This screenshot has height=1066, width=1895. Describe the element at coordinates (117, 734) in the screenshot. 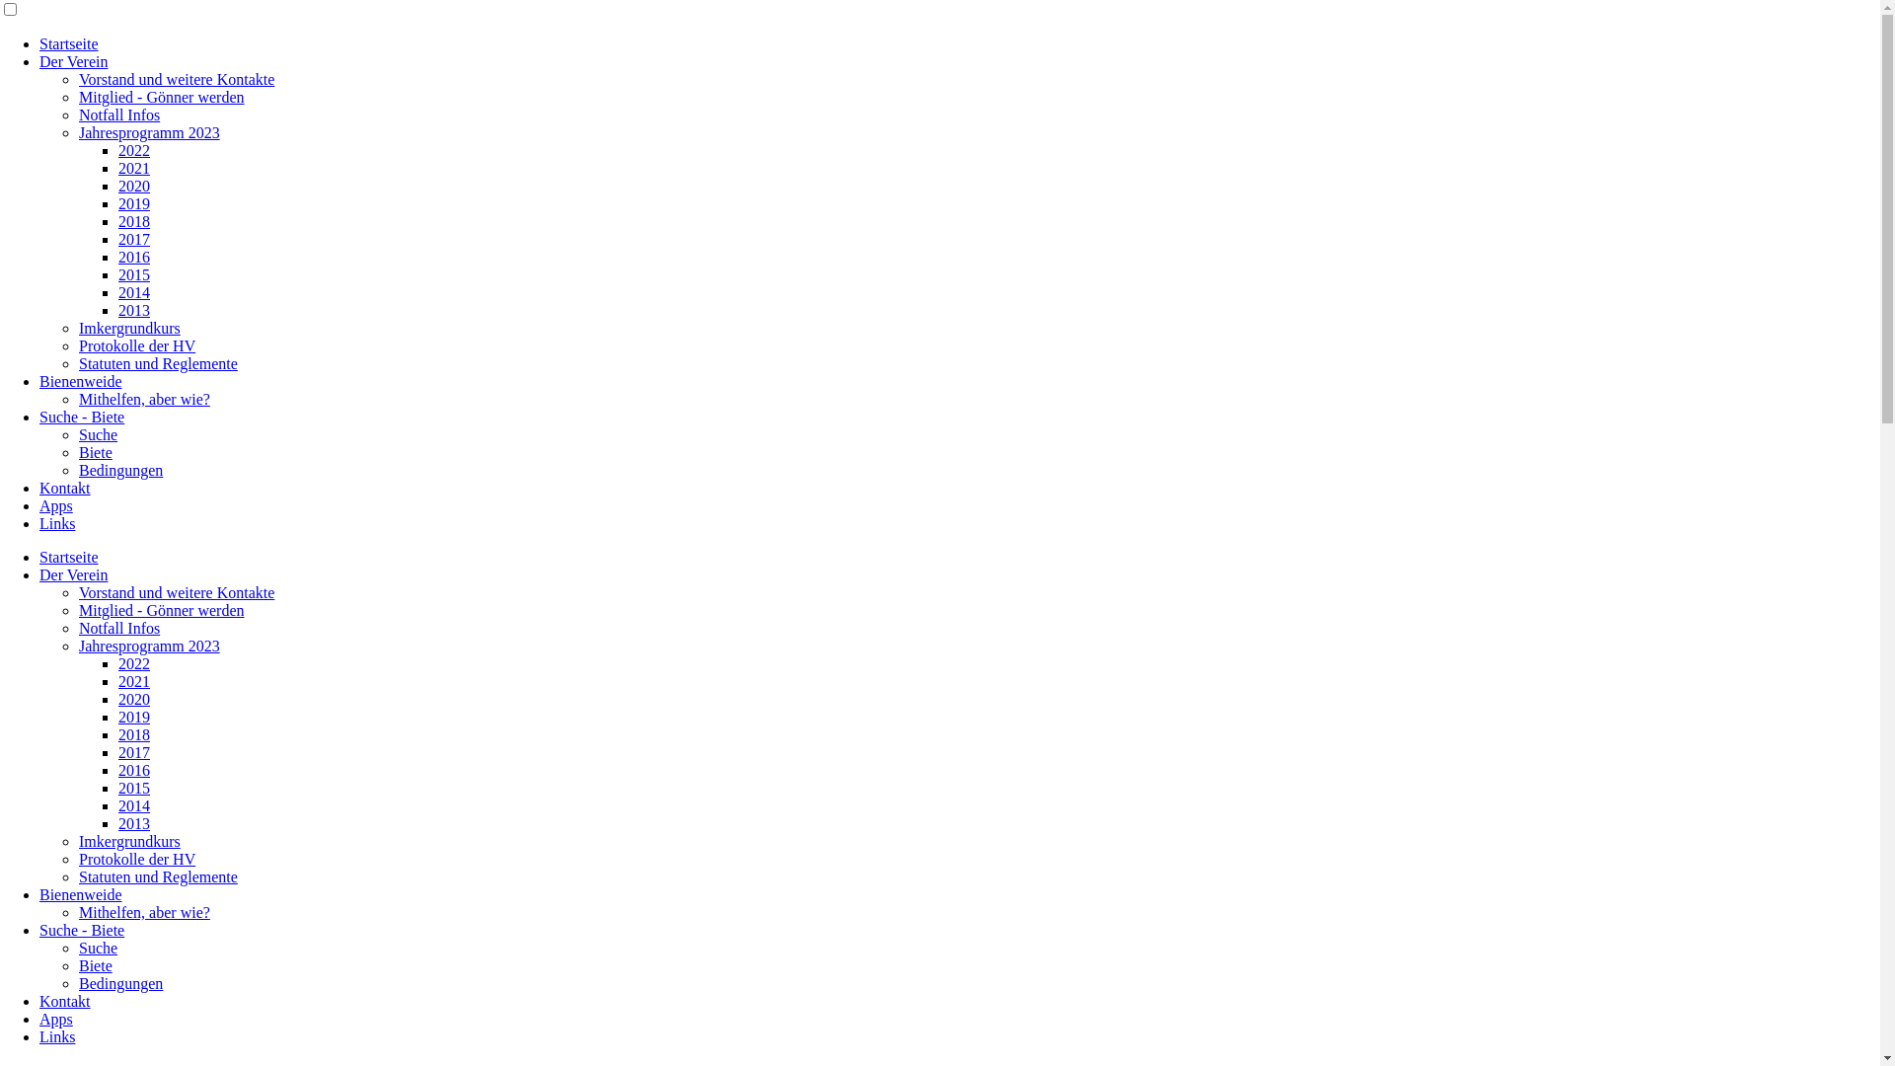

I see `'2018'` at that location.